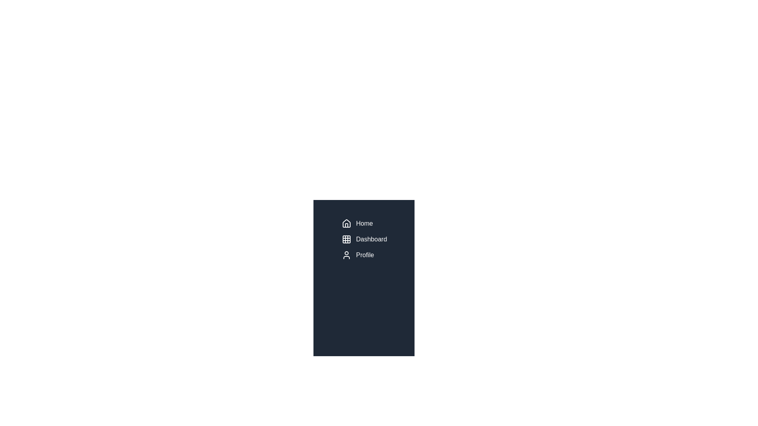  Describe the element at coordinates (364, 255) in the screenshot. I see `the 'Profile' menu item in the sidebar` at that location.